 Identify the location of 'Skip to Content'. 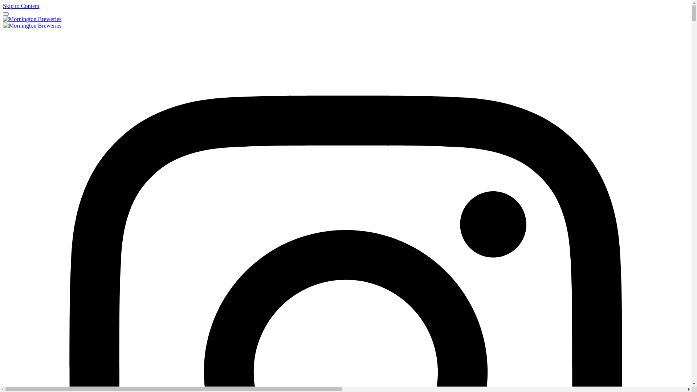
(3, 6).